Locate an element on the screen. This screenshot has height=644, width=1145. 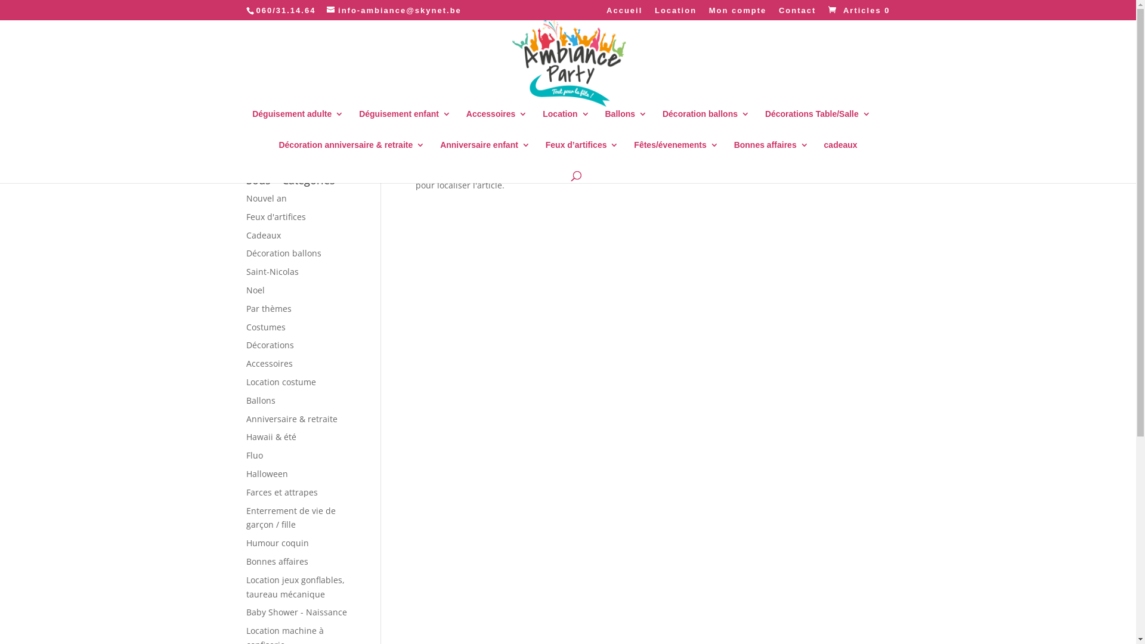
'Feux d'artifices' is located at coordinates (274, 216).